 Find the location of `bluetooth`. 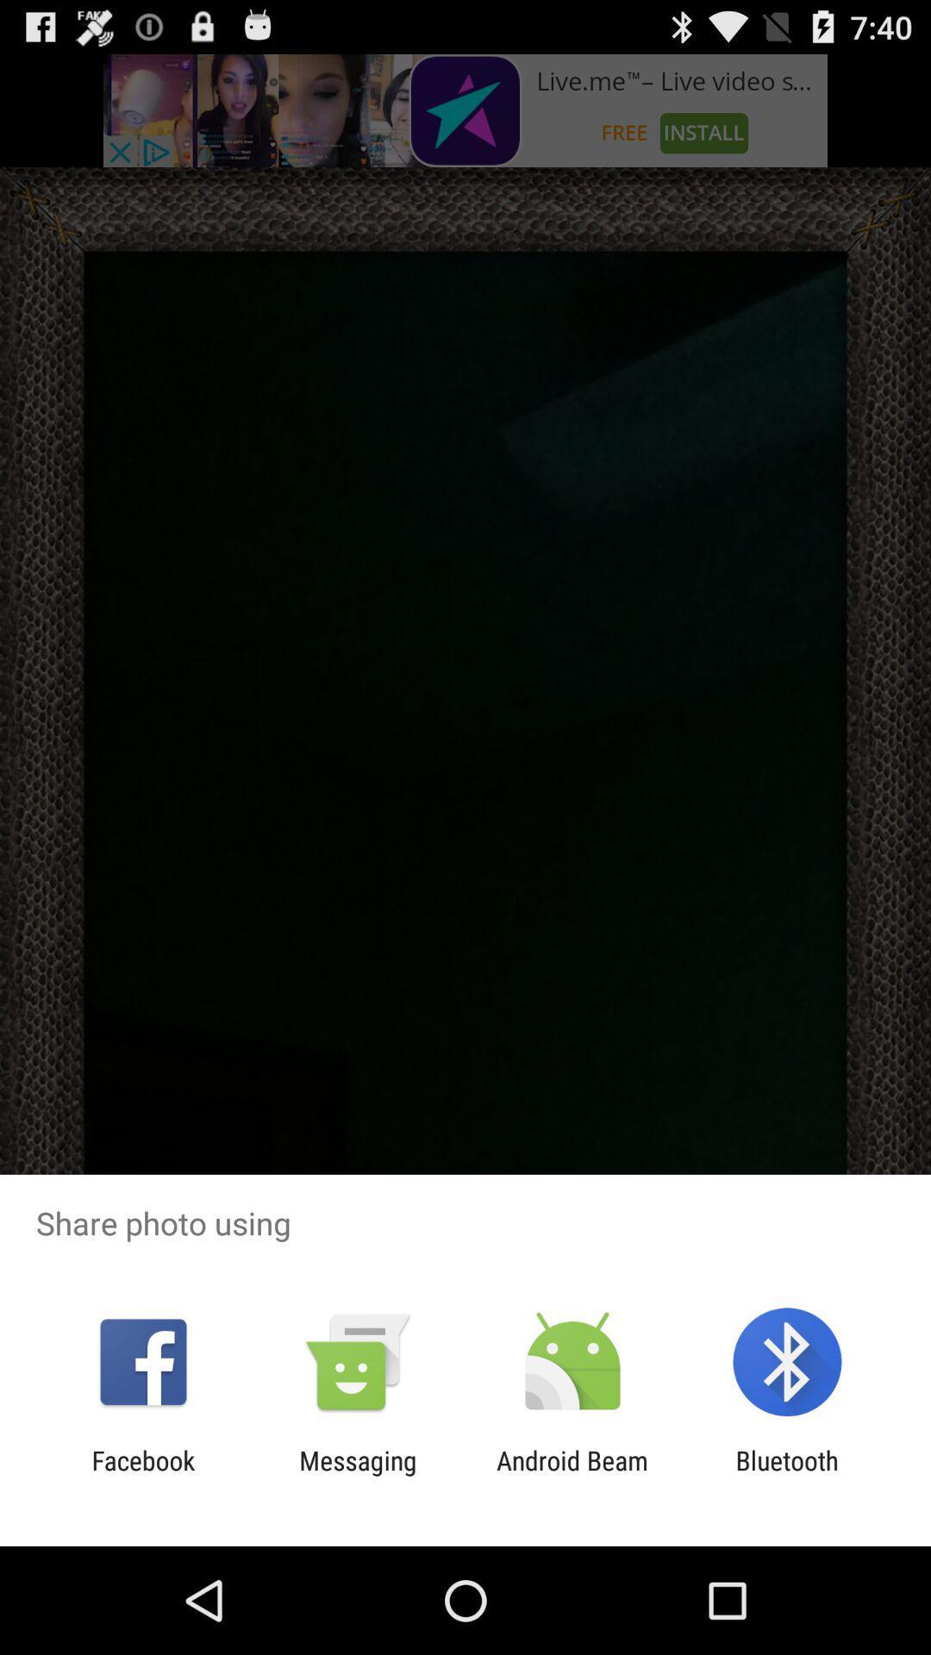

bluetooth is located at coordinates (787, 1475).